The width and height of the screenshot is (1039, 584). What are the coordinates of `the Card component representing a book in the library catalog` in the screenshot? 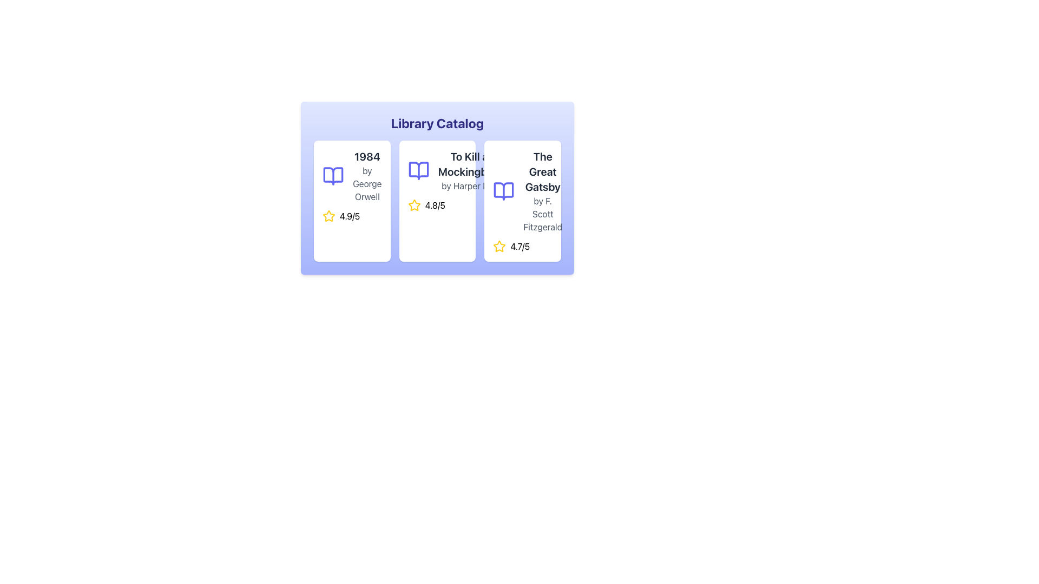 It's located at (352, 201).